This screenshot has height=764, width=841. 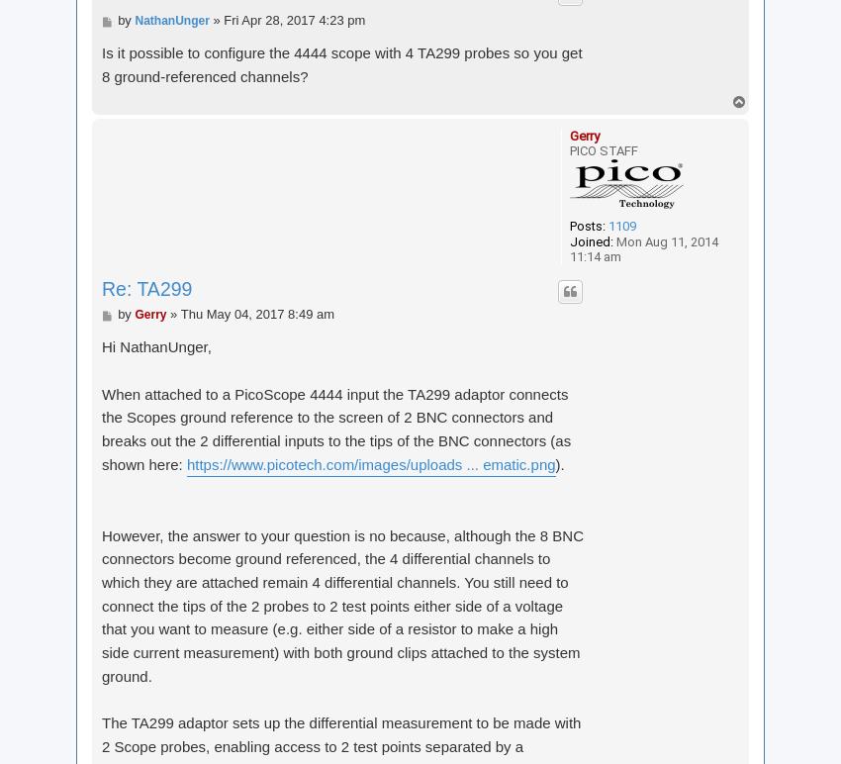 What do you see at coordinates (498, 45) in the screenshot?
I see `'Newsletter'` at bounding box center [498, 45].